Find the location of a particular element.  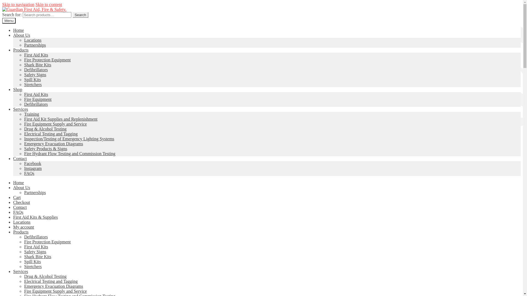

'FAQs' is located at coordinates (18, 212).